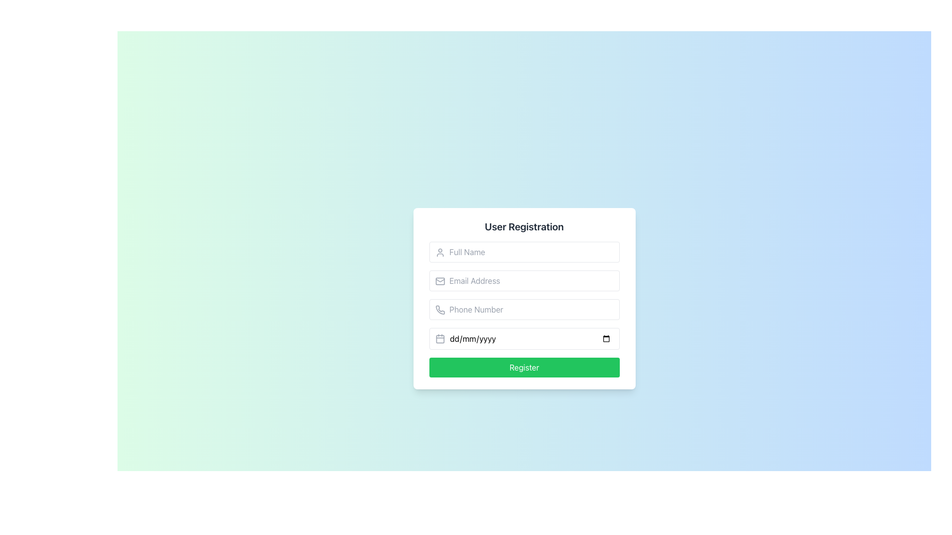  I want to click on the 'Submit' button at the bottom center of the 'User Registration' card, so click(524, 367).